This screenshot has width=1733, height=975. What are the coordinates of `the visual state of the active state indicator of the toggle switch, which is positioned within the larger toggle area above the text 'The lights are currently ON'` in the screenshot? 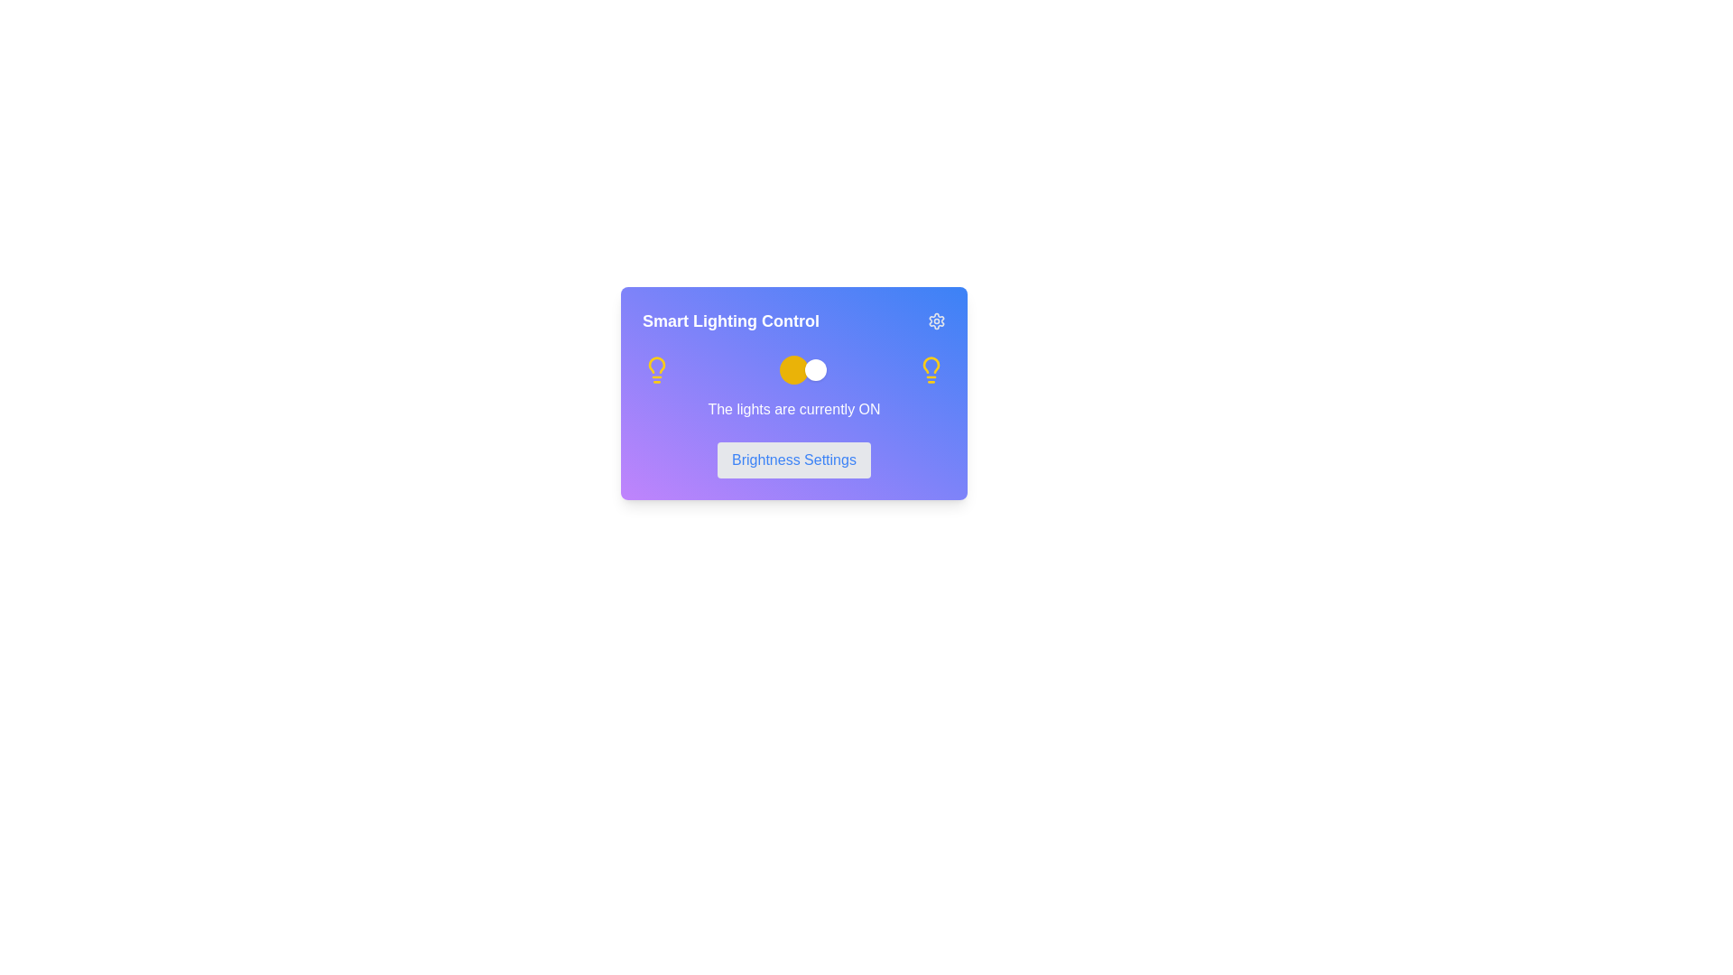 It's located at (814, 368).